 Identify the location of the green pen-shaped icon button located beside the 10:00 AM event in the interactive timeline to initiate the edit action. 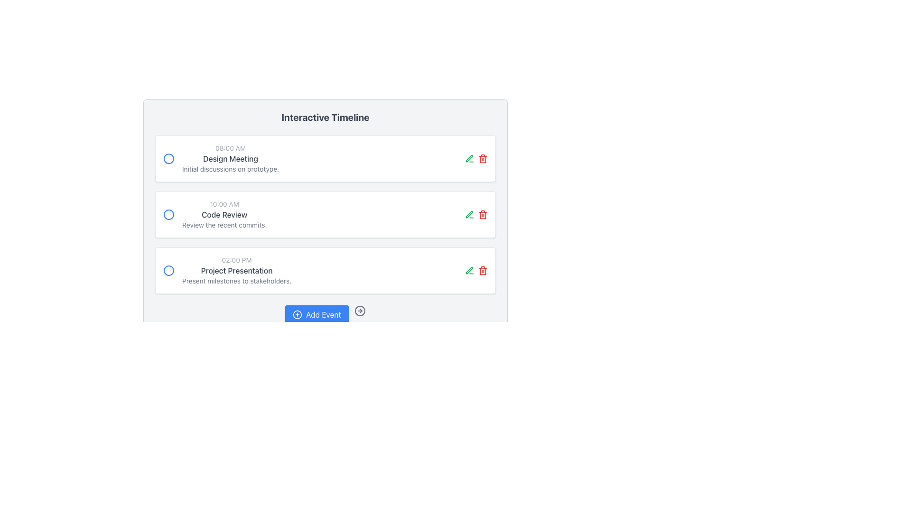
(469, 214).